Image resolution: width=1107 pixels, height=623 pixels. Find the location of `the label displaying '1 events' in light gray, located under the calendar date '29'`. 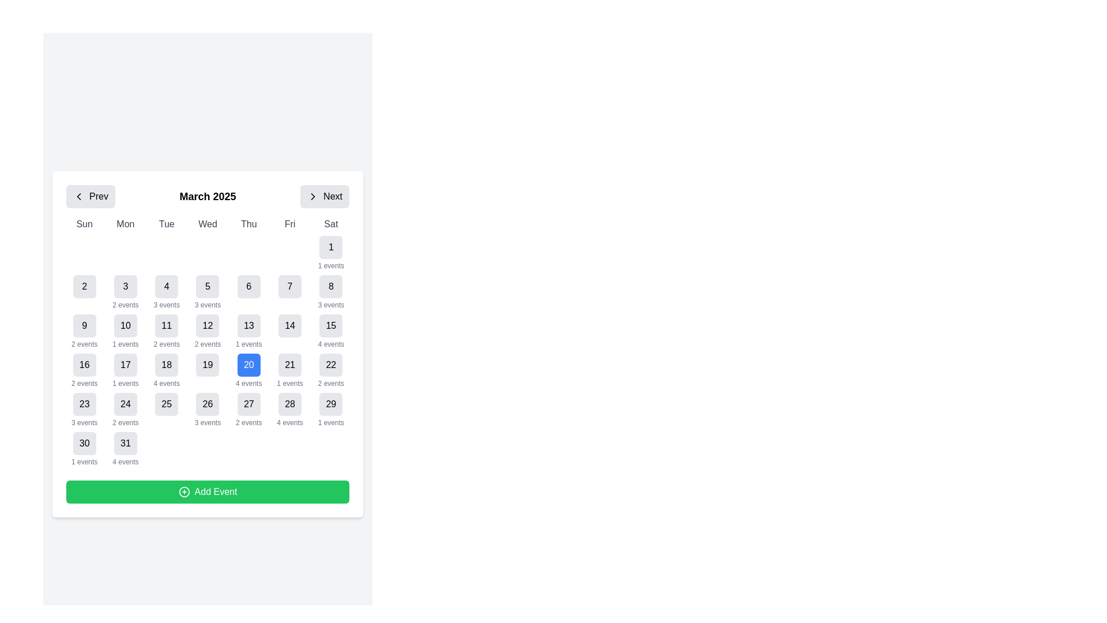

the label displaying '1 events' in light gray, located under the calendar date '29' is located at coordinates (330, 422).